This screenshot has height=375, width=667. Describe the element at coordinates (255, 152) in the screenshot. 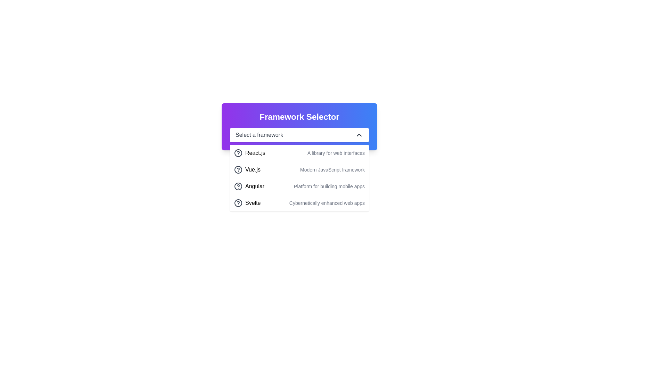

I see `the text 'React.js' in the dropdown menu` at that location.